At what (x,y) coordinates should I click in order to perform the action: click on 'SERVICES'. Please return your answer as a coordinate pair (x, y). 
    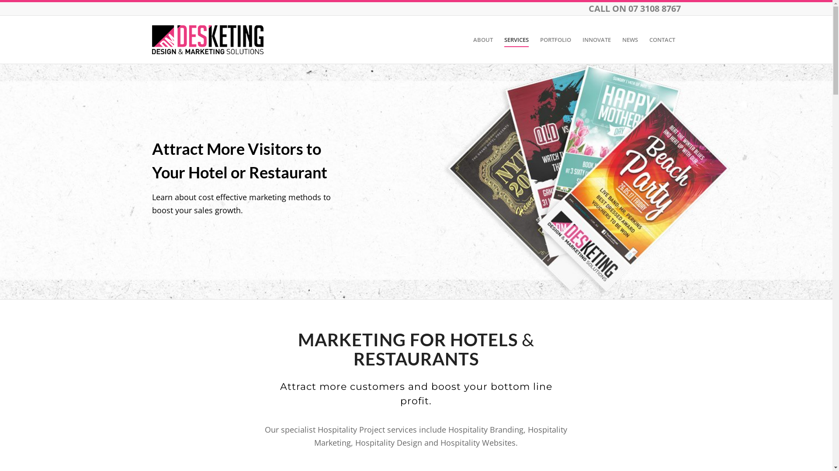
    Looking at the image, I should click on (498, 40).